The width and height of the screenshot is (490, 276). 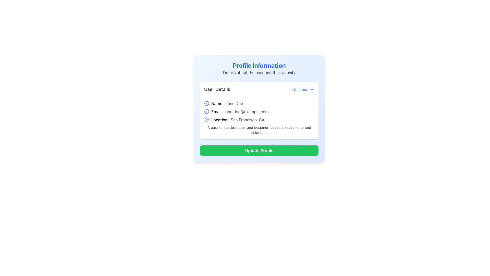 I want to click on the interactive text with an icon located on the right side of the 'User Details' heading, so click(x=303, y=89).